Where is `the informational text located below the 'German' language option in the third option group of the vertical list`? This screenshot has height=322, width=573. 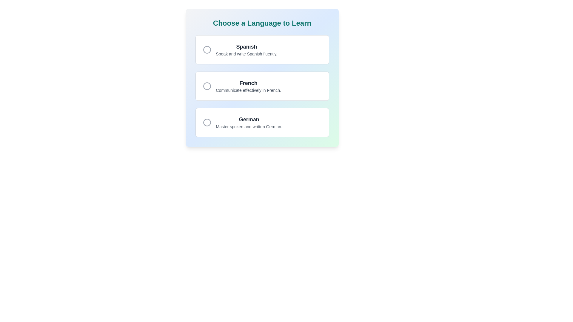 the informational text located below the 'German' language option in the third option group of the vertical list is located at coordinates (249, 126).